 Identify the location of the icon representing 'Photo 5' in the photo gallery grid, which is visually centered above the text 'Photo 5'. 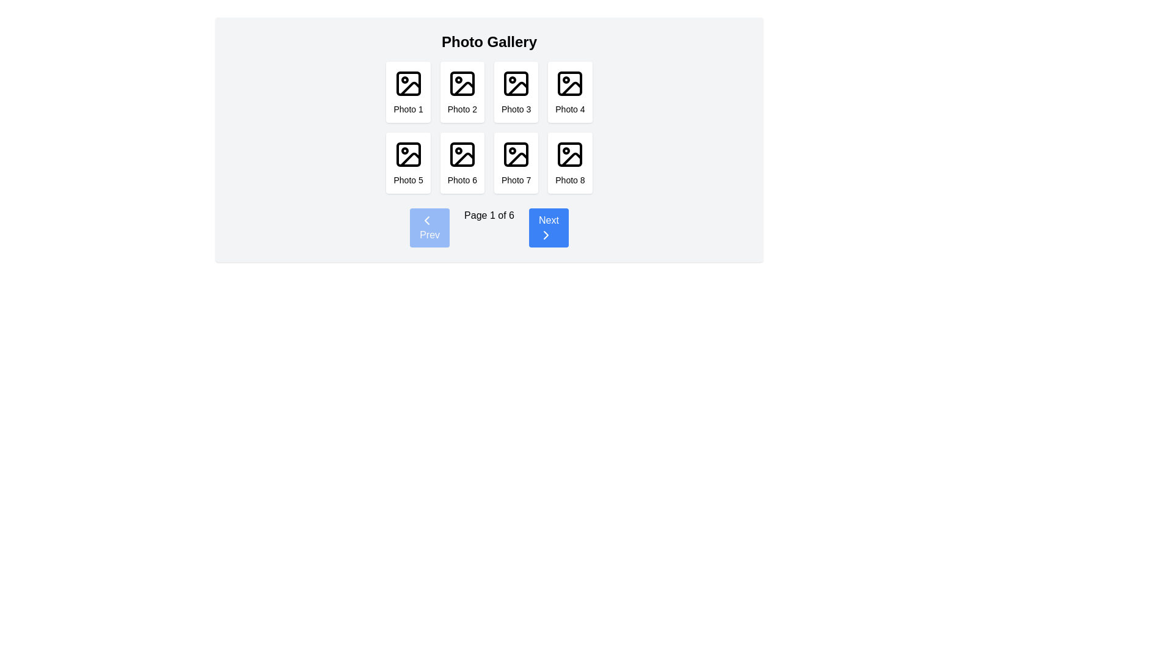
(408, 154).